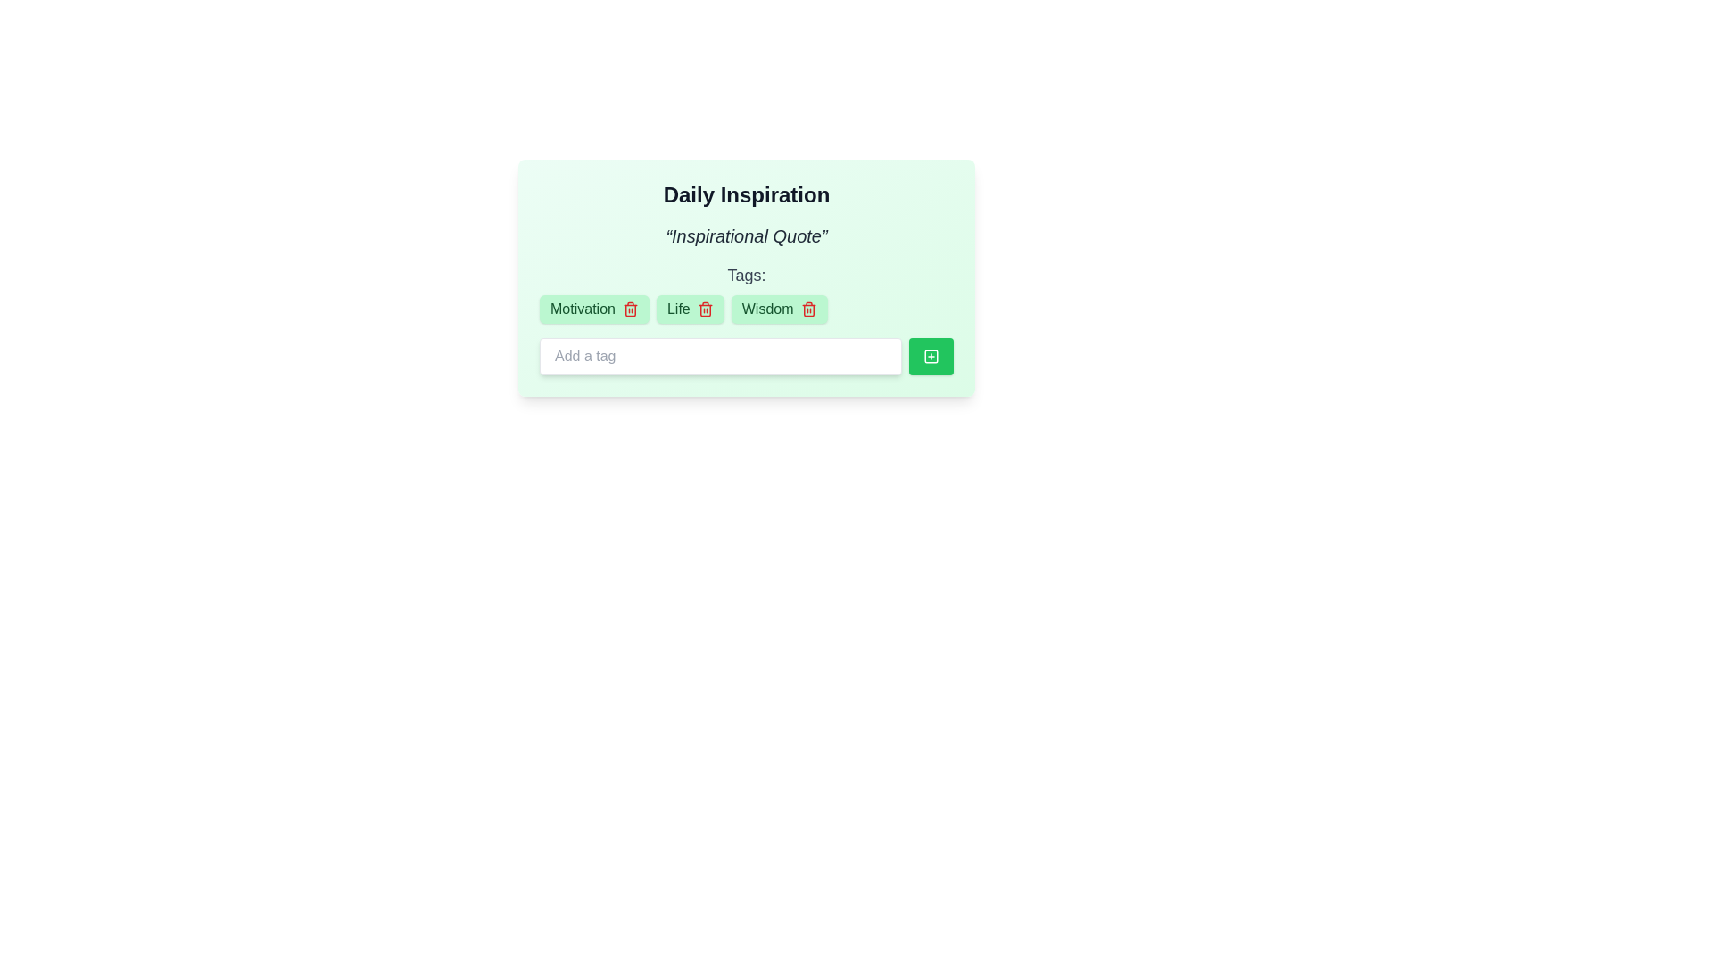 Image resolution: width=1713 pixels, height=963 pixels. Describe the element at coordinates (779, 309) in the screenshot. I see `the red trash icon` at that location.